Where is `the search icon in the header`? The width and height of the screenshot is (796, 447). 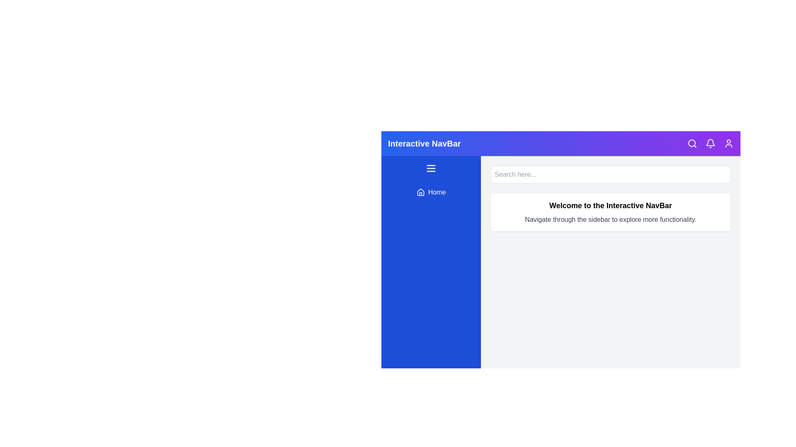 the search icon in the header is located at coordinates (692, 143).